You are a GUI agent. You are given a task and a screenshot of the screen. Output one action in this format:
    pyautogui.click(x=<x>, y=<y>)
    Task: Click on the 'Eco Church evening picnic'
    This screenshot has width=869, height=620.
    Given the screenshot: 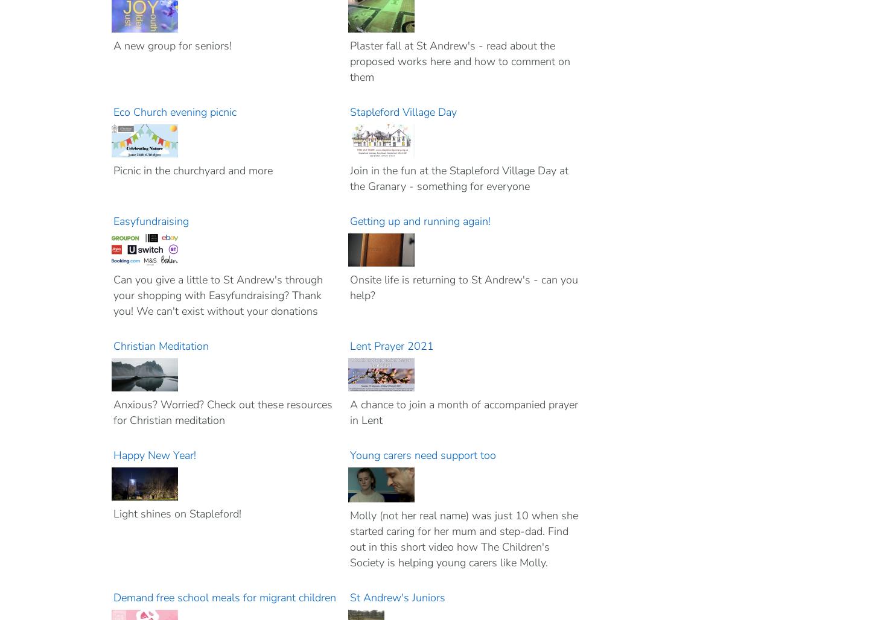 What is the action you would take?
    pyautogui.click(x=176, y=112)
    